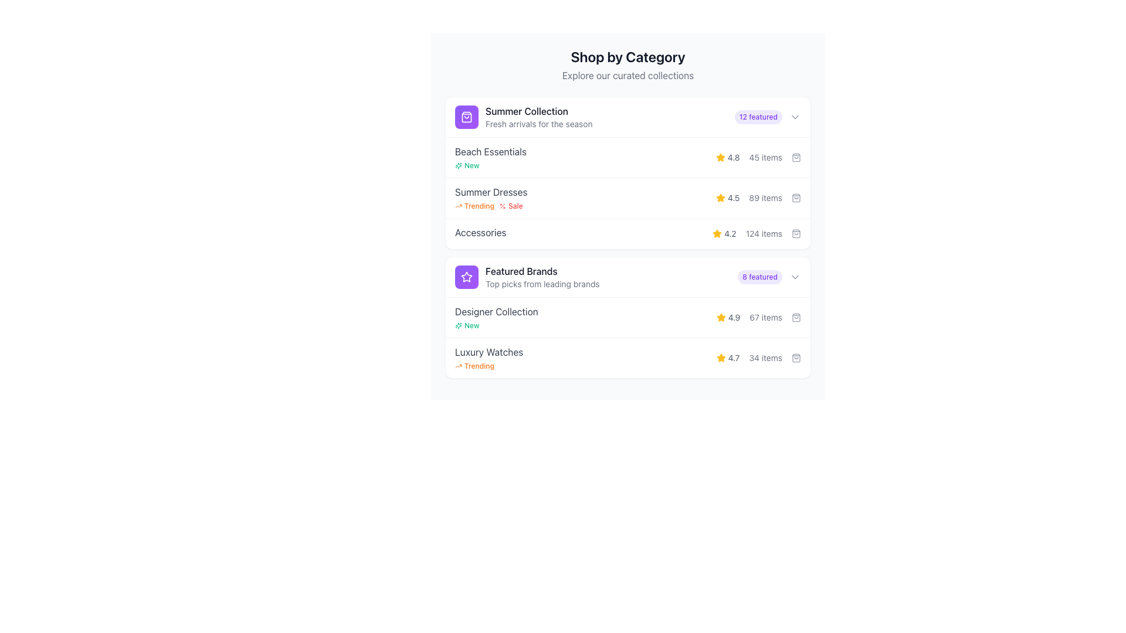 This screenshot has height=633, width=1126. What do you see at coordinates (733, 198) in the screenshot?
I see `the numerical rating text label that displays the rating next to the star icon for the 'Summer Dresses' item count section` at bounding box center [733, 198].